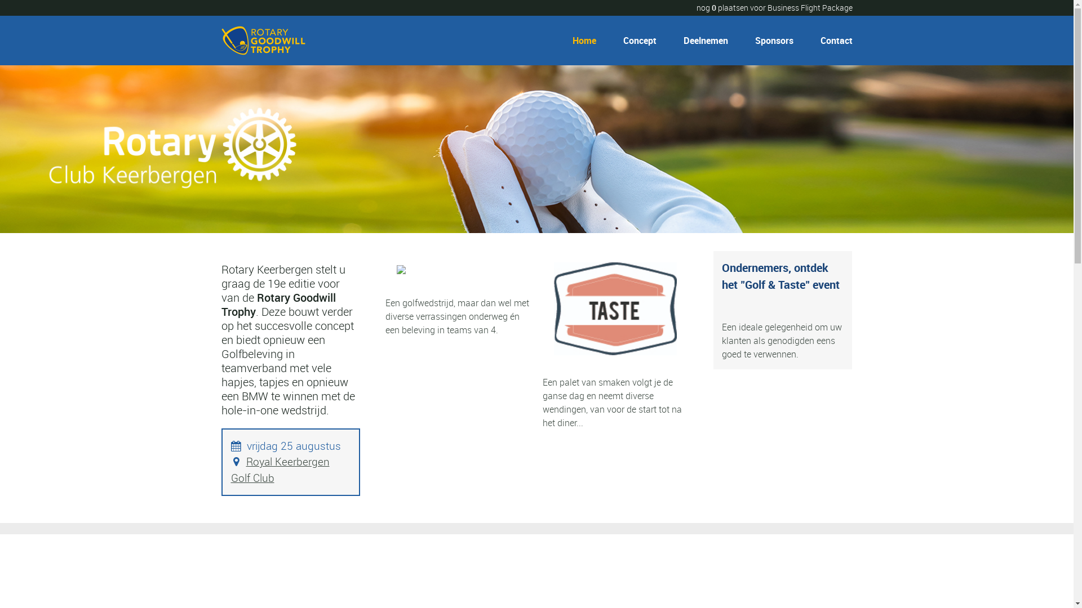 The height and width of the screenshot is (608, 1082). I want to click on 'Contact', so click(832, 40).